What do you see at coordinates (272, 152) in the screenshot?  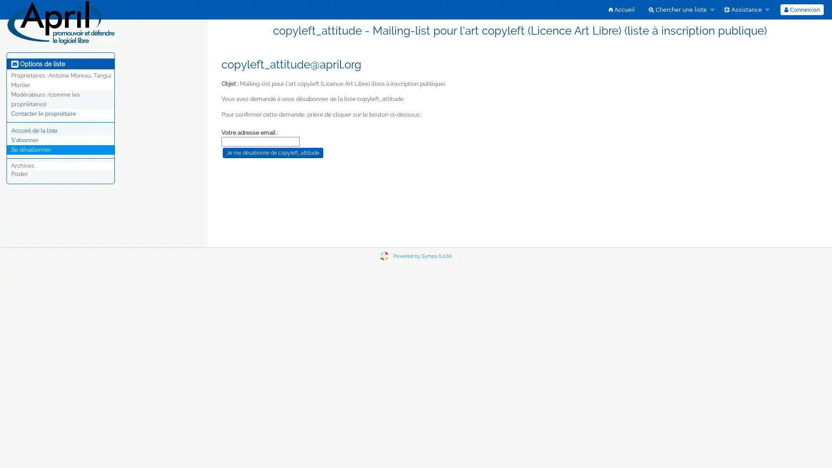 I see `Je me desabonne de copyleft_attitude` at bounding box center [272, 152].